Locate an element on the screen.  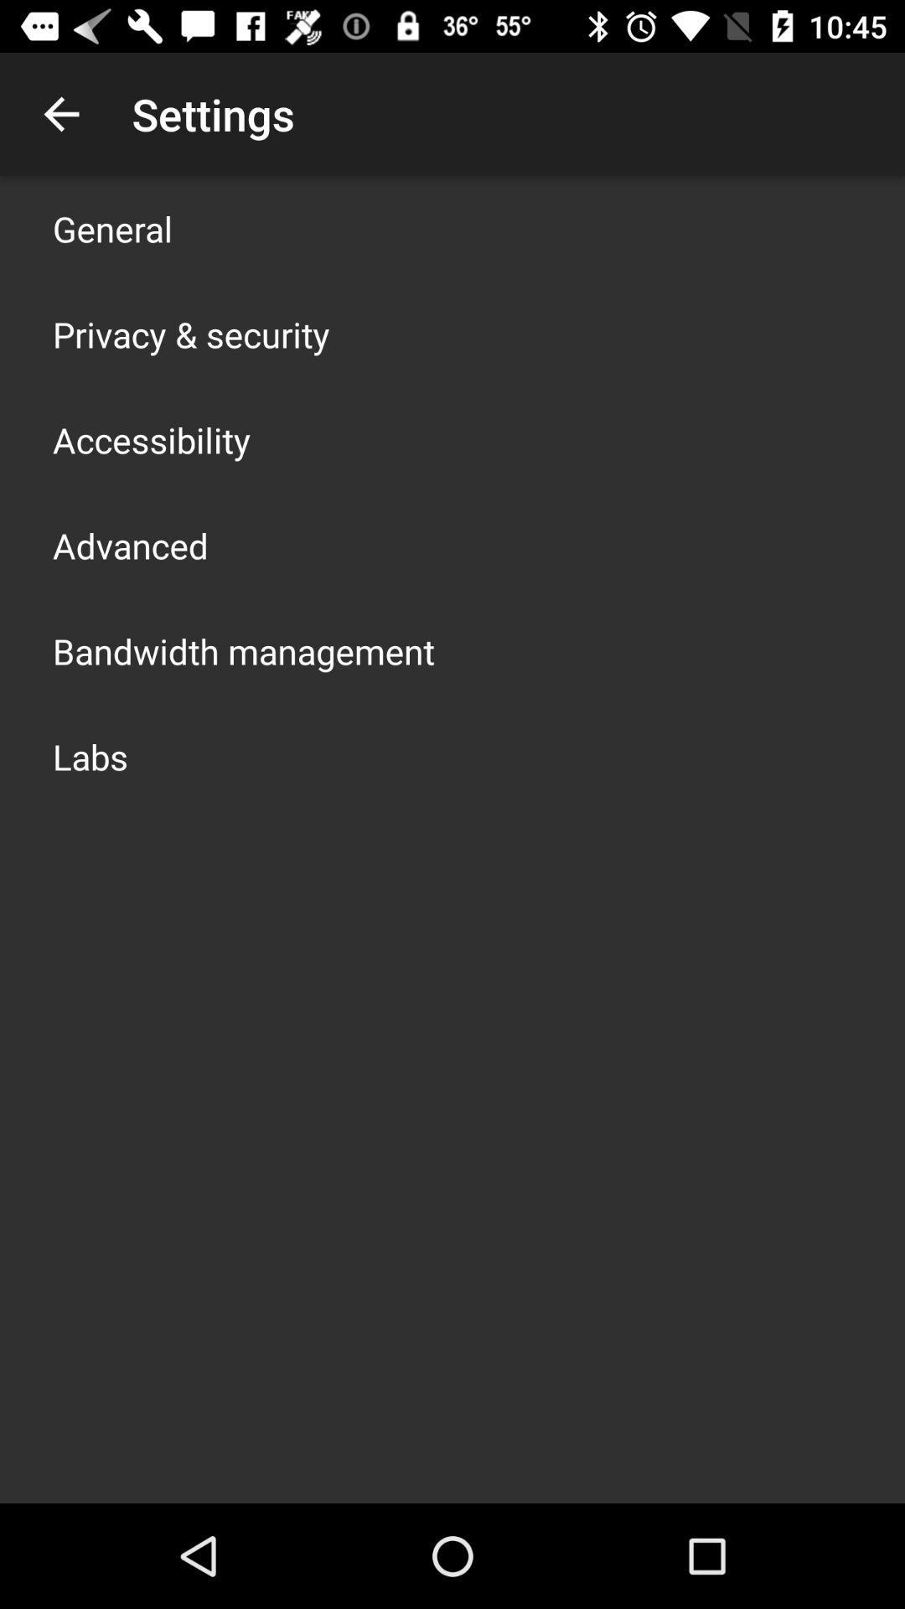
item below bandwidth management icon is located at coordinates (90, 755).